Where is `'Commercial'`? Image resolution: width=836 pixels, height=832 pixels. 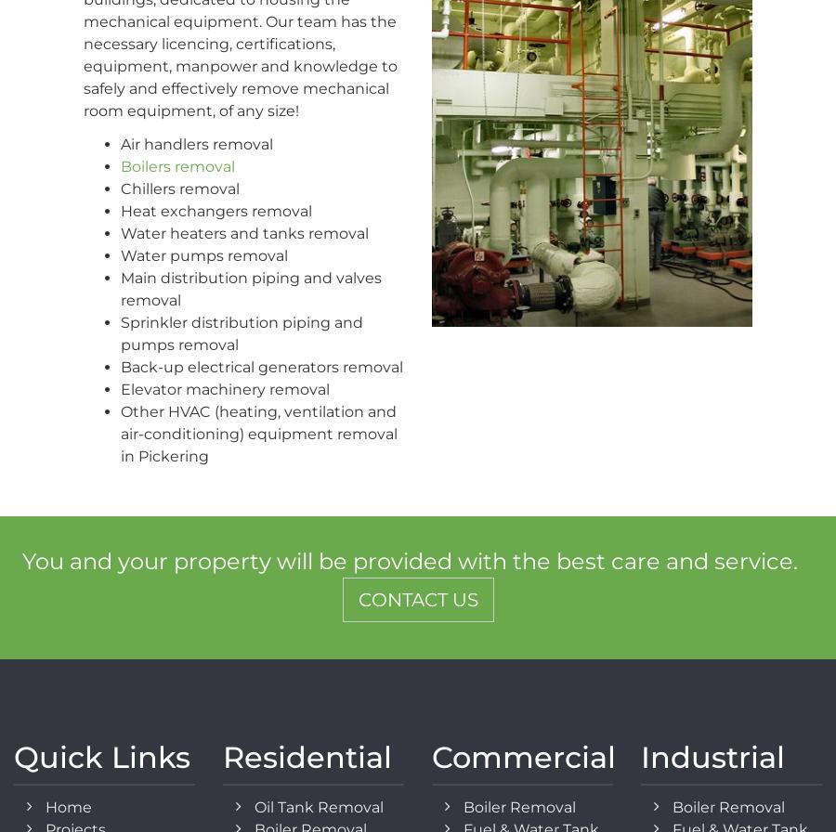
'Commercial' is located at coordinates (431, 757).